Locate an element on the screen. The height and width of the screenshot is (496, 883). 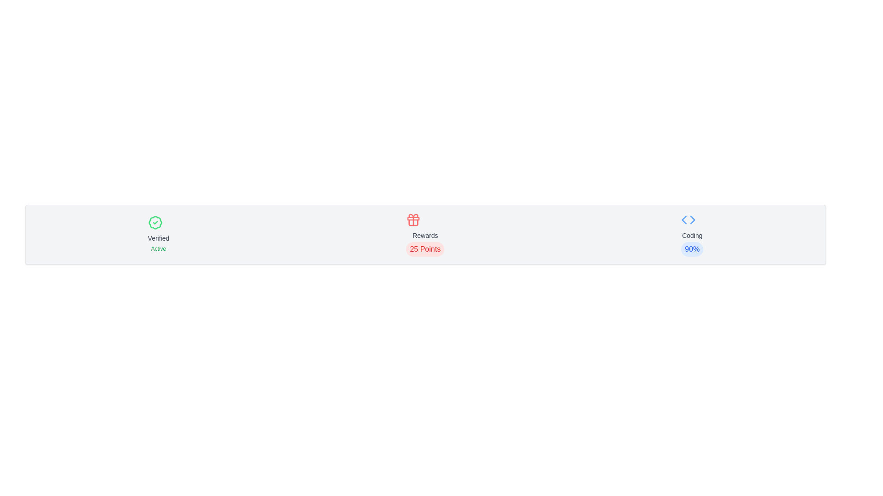
the circular badge with a green outline and central checkmark symbol, which signifies a verified status, located in the left section of the layout above the text 'Verified' and 'Active' is located at coordinates (155, 223).